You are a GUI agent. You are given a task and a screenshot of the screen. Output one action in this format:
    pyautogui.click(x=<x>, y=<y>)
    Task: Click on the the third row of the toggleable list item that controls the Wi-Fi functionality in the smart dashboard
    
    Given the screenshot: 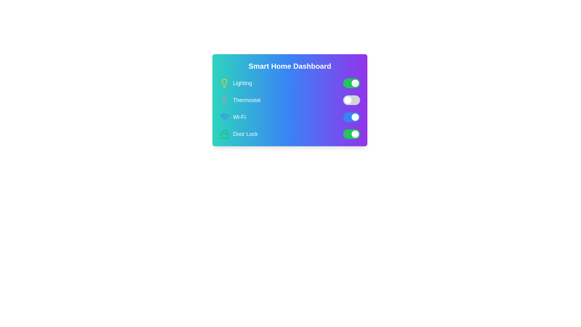 What is the action you would take?
    pyautogui.click(x=290, y=117)
    